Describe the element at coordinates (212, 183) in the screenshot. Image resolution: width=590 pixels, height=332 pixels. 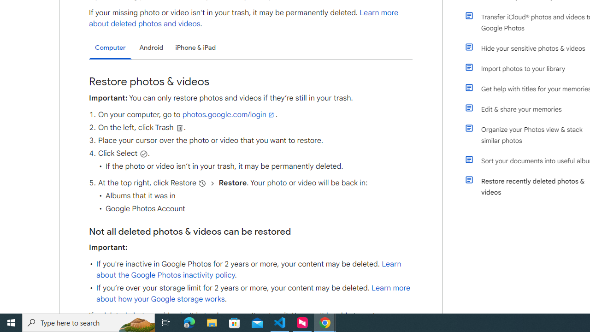
I see `'and then'` at that location.